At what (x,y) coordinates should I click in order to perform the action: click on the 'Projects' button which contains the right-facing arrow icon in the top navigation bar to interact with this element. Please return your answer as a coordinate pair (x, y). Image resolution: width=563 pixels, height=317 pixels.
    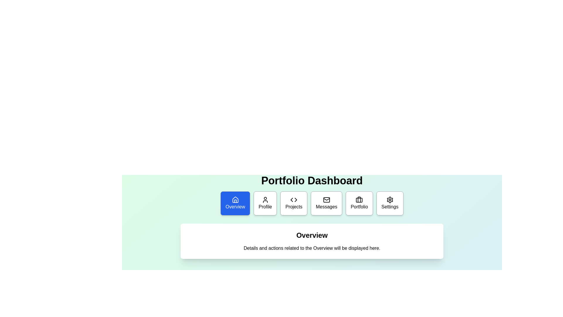
    Looking at the image, I should click on (296, 200).